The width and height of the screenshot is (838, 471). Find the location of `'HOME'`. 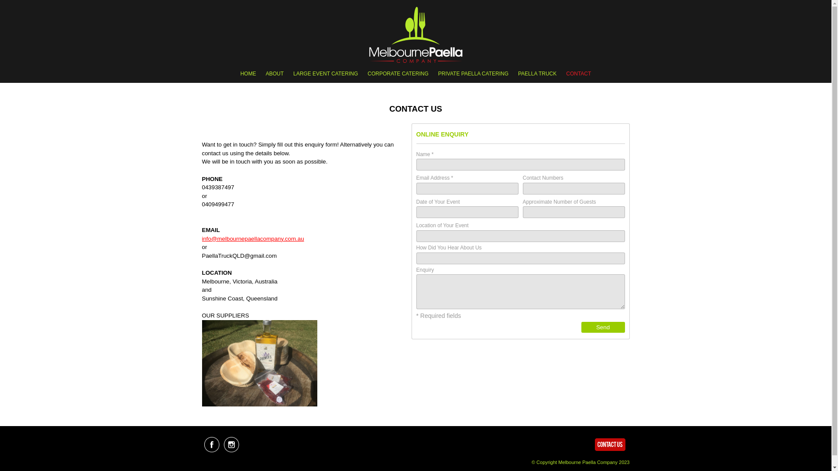

'HOME' is located at coordinates (248, 73).